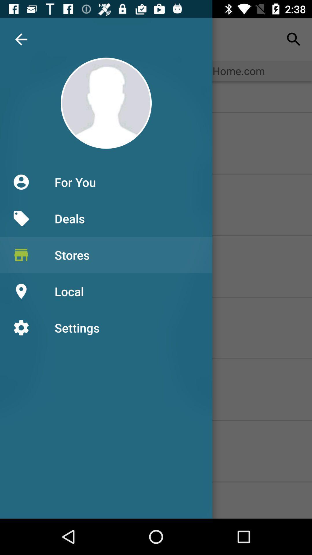 The image size is (312, 555). What do you see at coordinates (106, 103) in the screenshot?
I see `the profile image` at bounding box center [106, 103].